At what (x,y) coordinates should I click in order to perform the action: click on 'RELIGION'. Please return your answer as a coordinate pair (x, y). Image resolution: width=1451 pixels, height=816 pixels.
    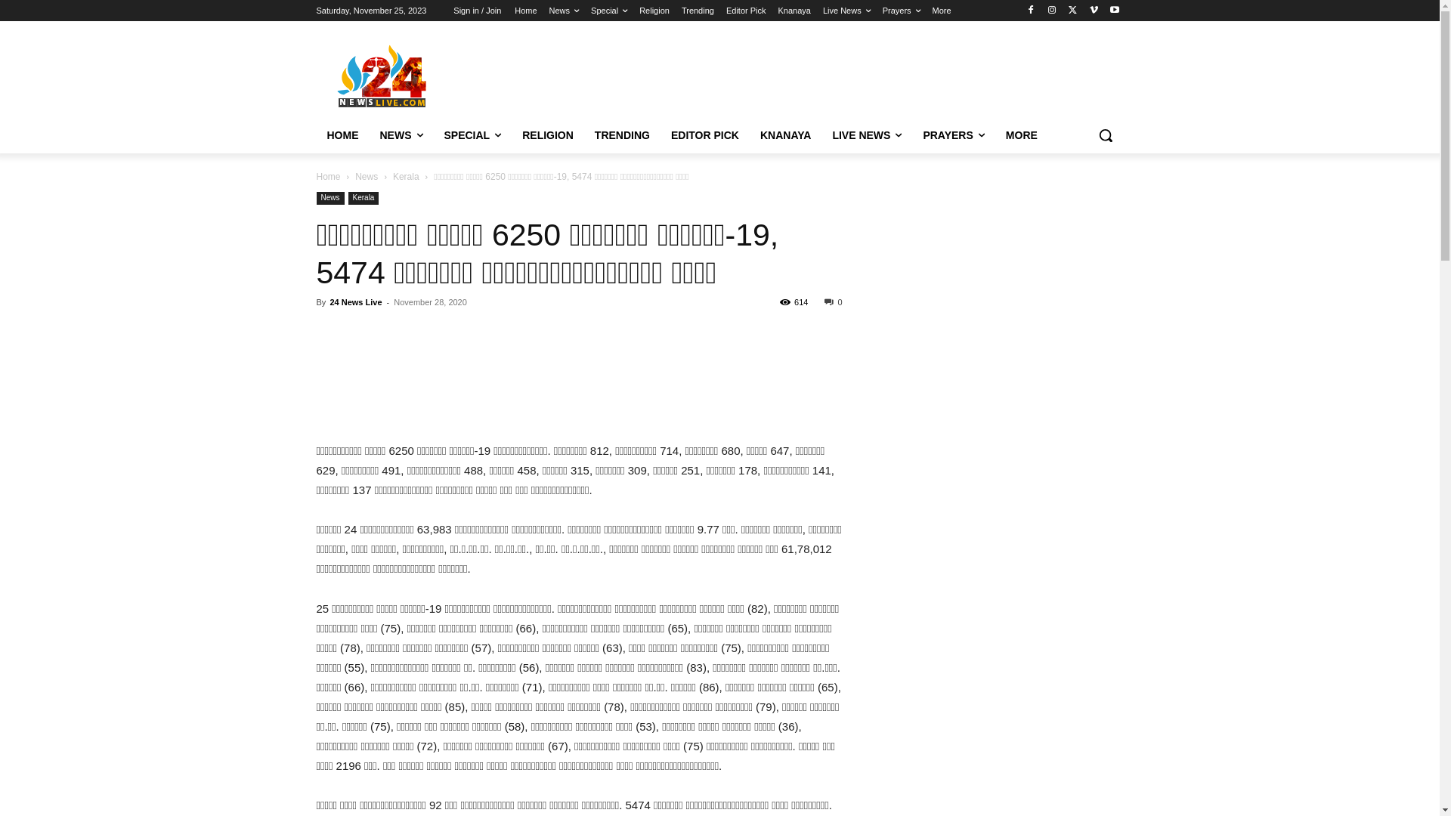
    Looking at the image, I should click on (546, 134).